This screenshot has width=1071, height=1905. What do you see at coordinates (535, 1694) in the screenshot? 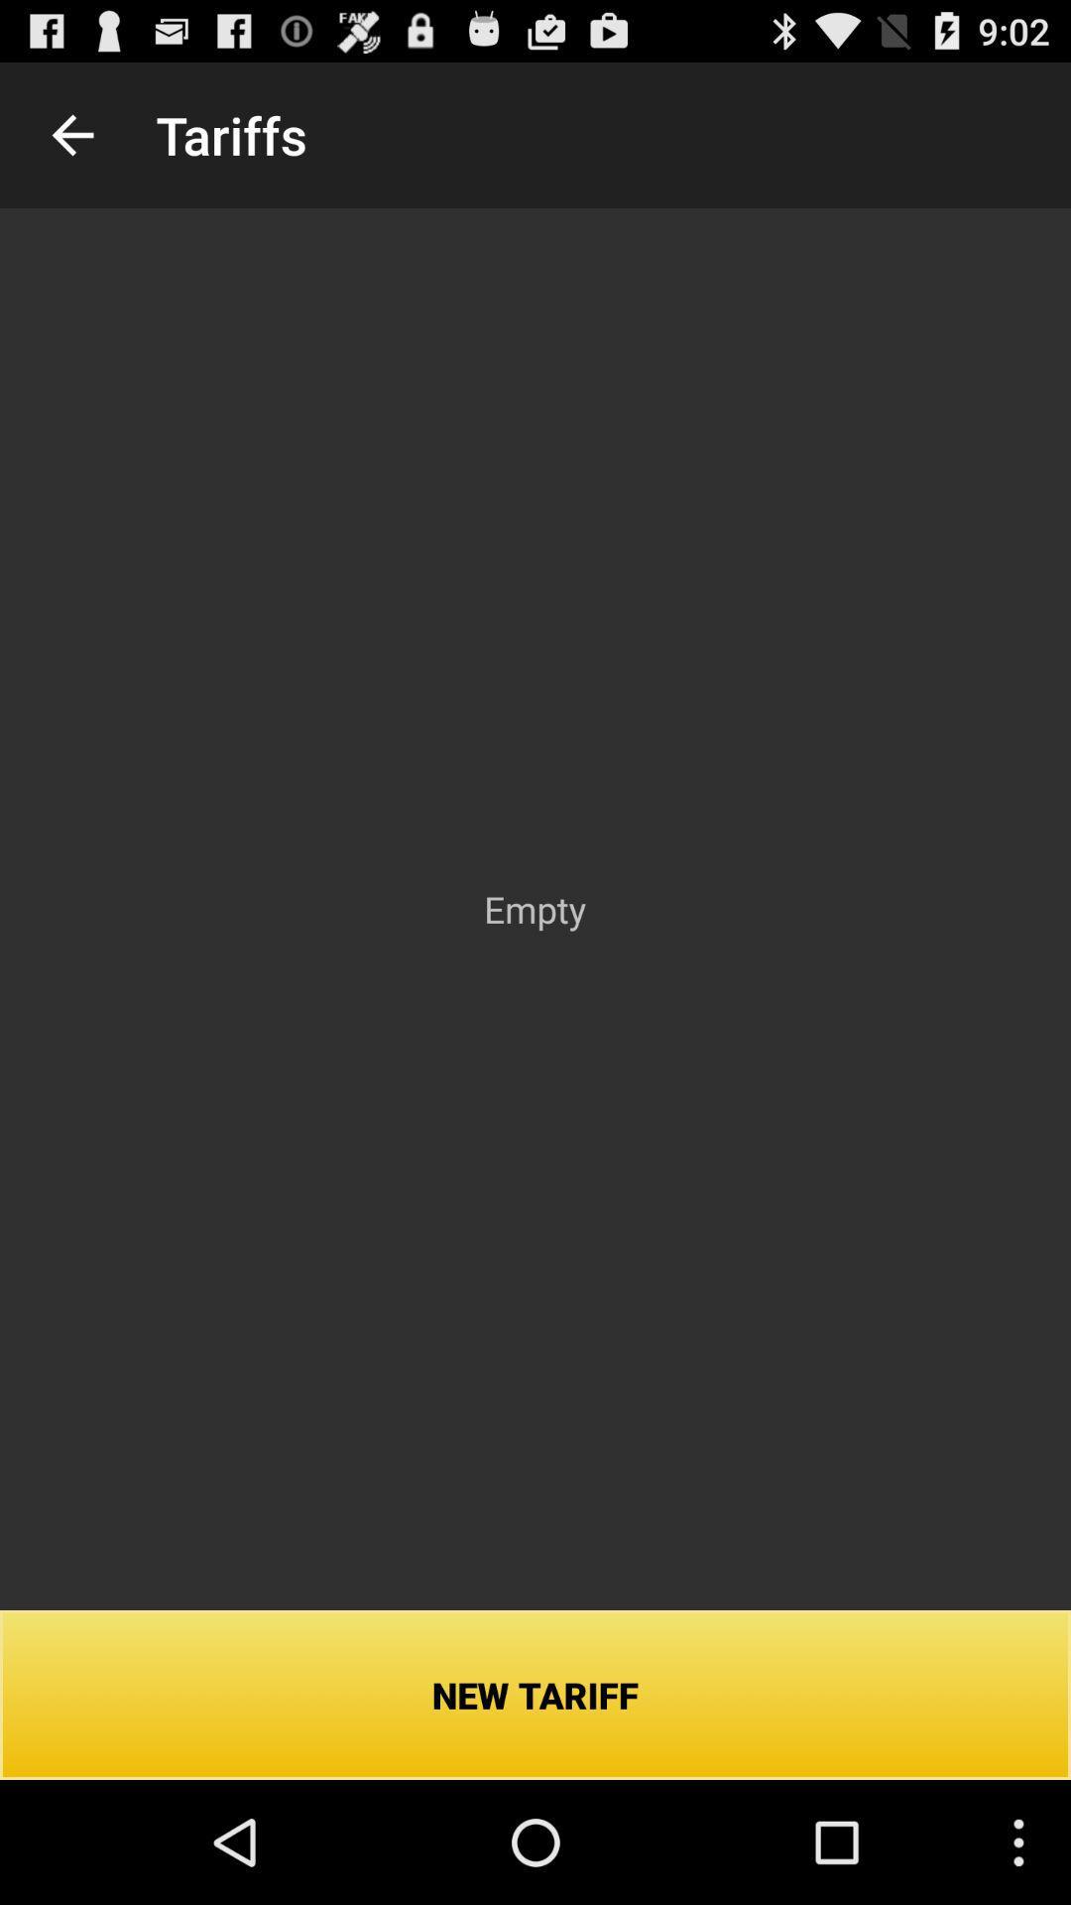
I see `new tariff item` at bounding box center [535, 1694].